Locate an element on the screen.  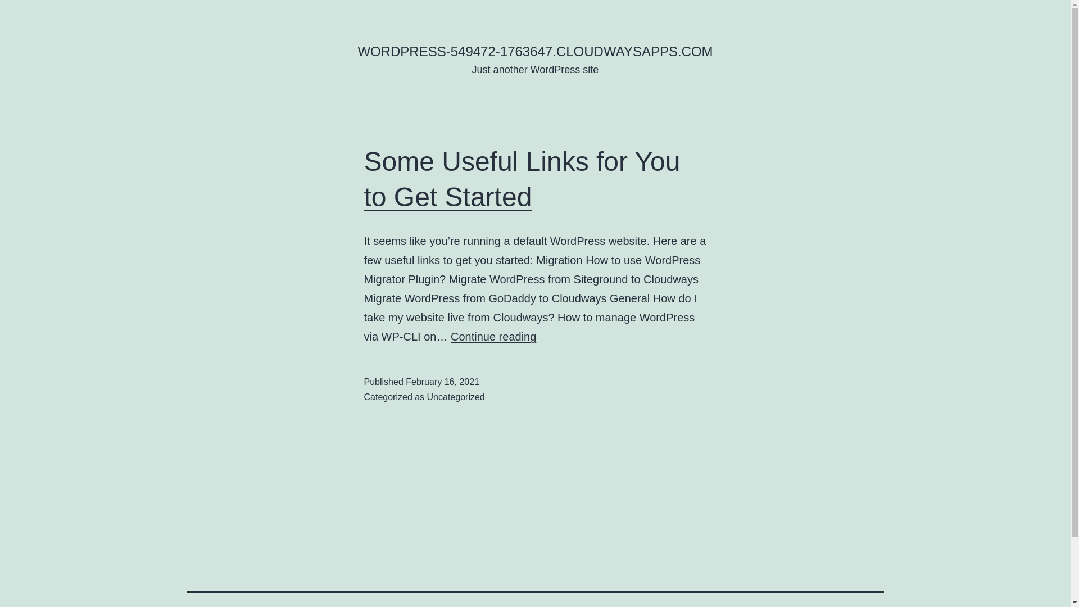
'Uncategorized' is located at coordinates (456, 396).